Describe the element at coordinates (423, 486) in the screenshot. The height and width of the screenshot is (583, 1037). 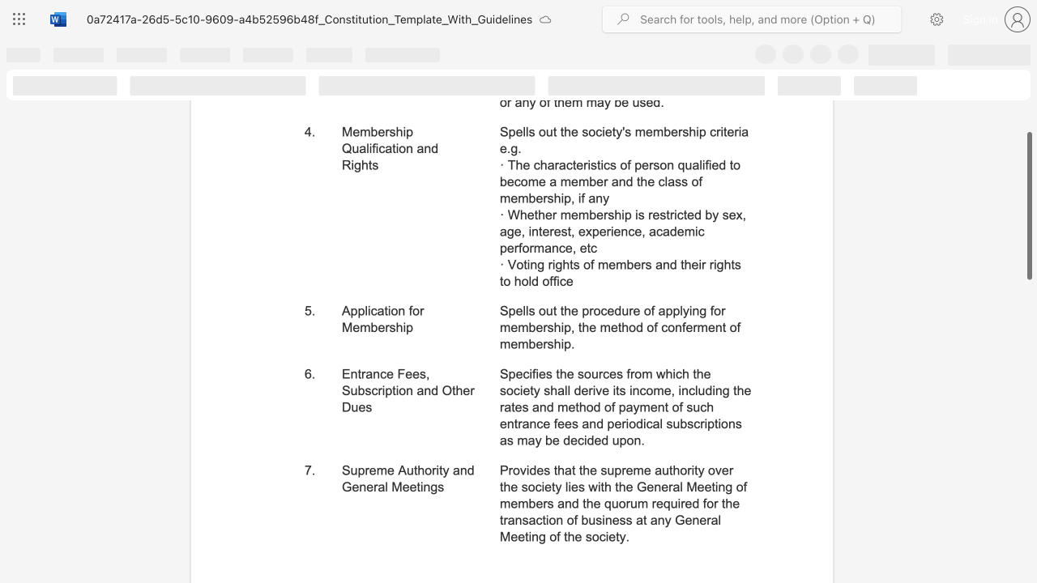
I see `the subset text "ng" within the text "Supreme Authority and General Meetings"` at that location.